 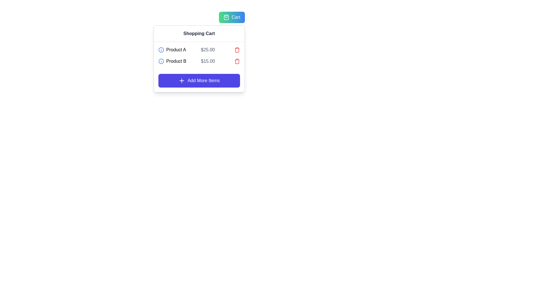 What do you see at coordinates (199, 80) in the screenshot?
I see `the button located at the bottom of the shopping cart panel, which allows users to add additional items to the shopping cart` at bounding box center [199, 80].